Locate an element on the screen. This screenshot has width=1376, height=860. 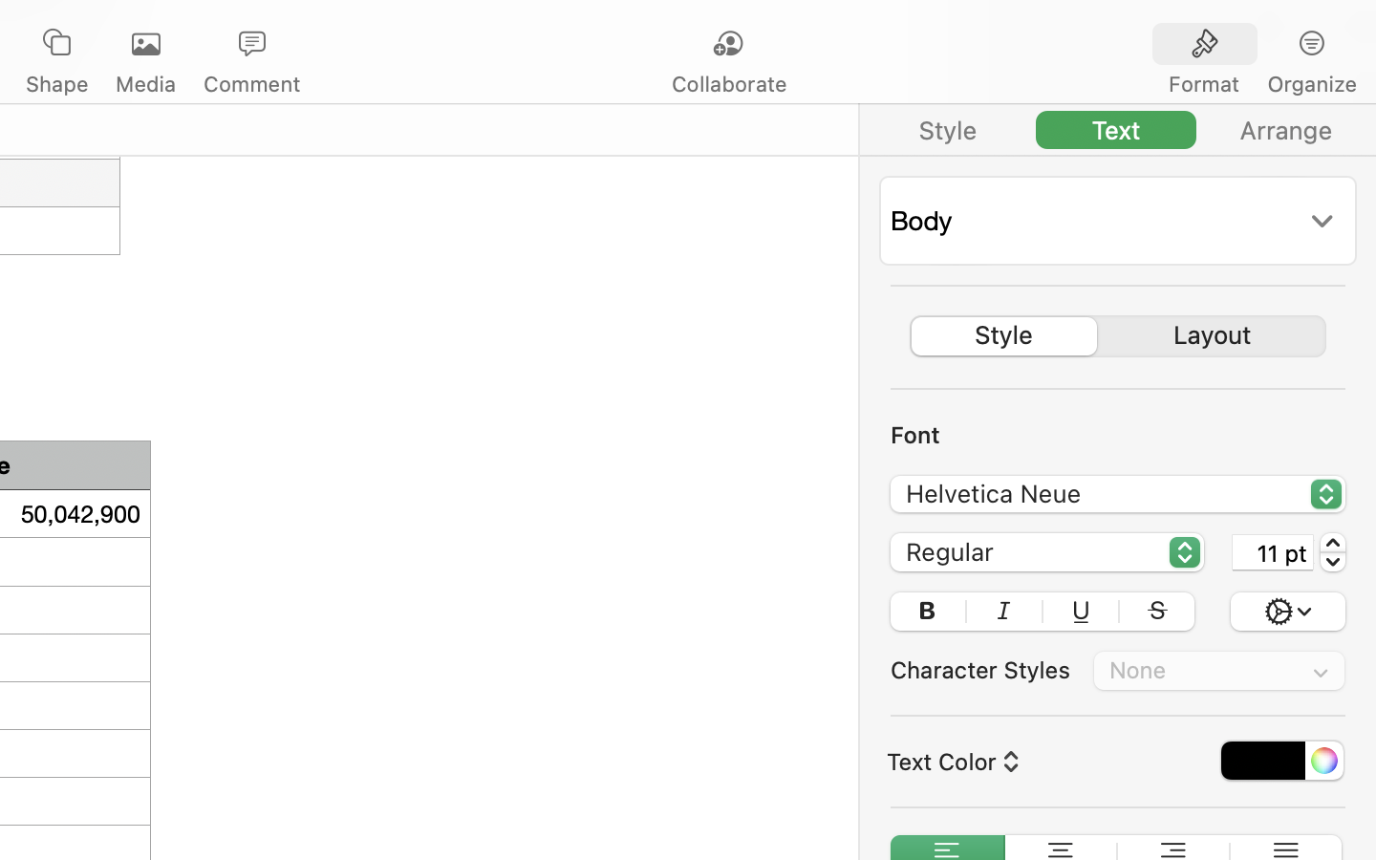
'Organize' is located at coordinates (1310, 83).